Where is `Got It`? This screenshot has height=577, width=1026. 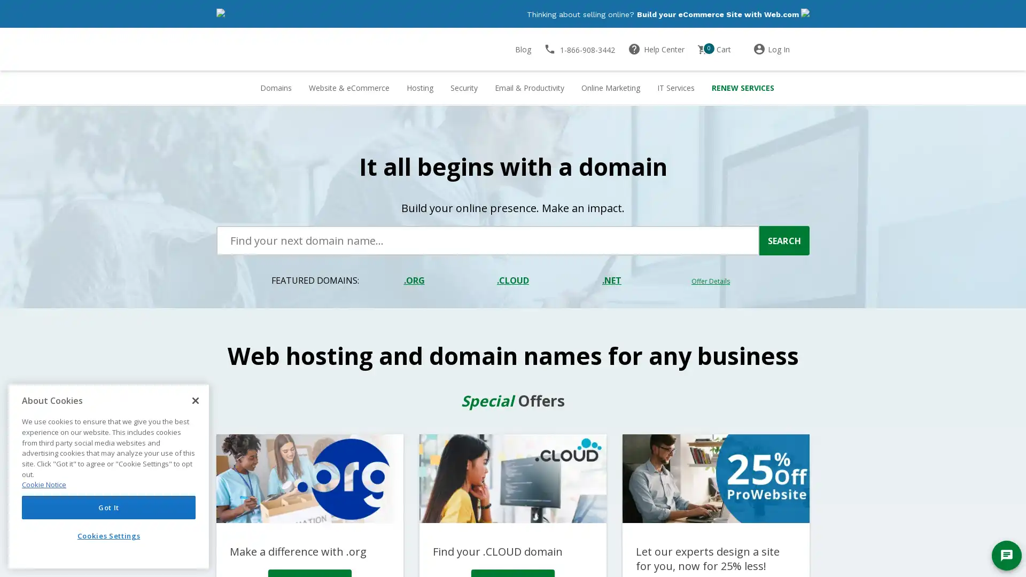 Got It is located at coordinates (108, 506).